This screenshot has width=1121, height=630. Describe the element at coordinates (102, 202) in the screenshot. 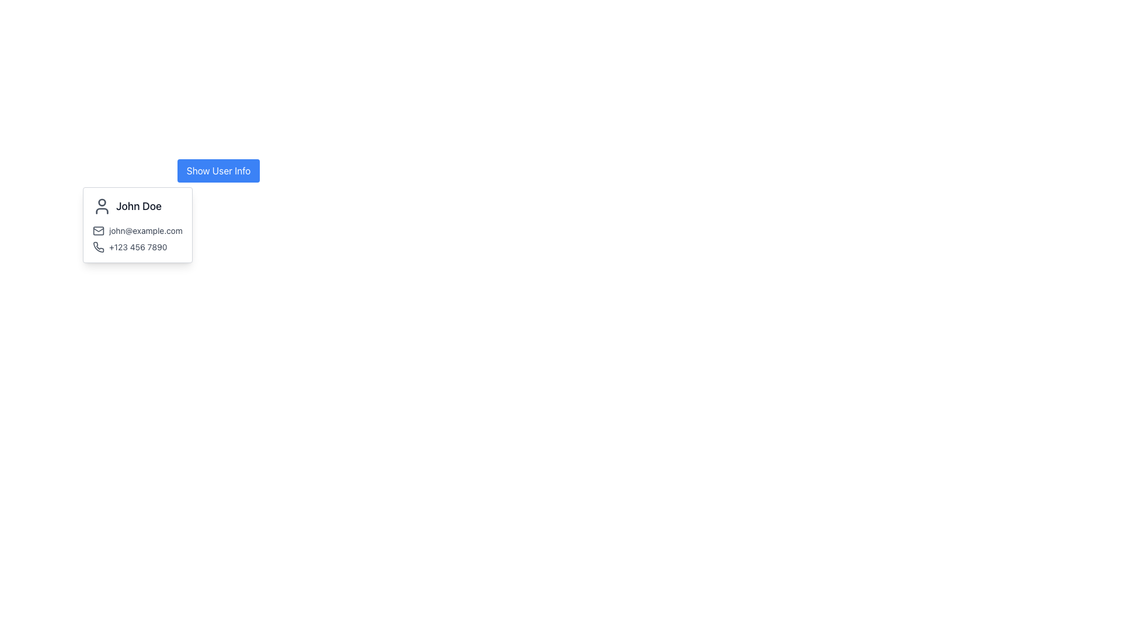

I see `the SVG Circle Element representing the user's head in the profile icon` at that location.